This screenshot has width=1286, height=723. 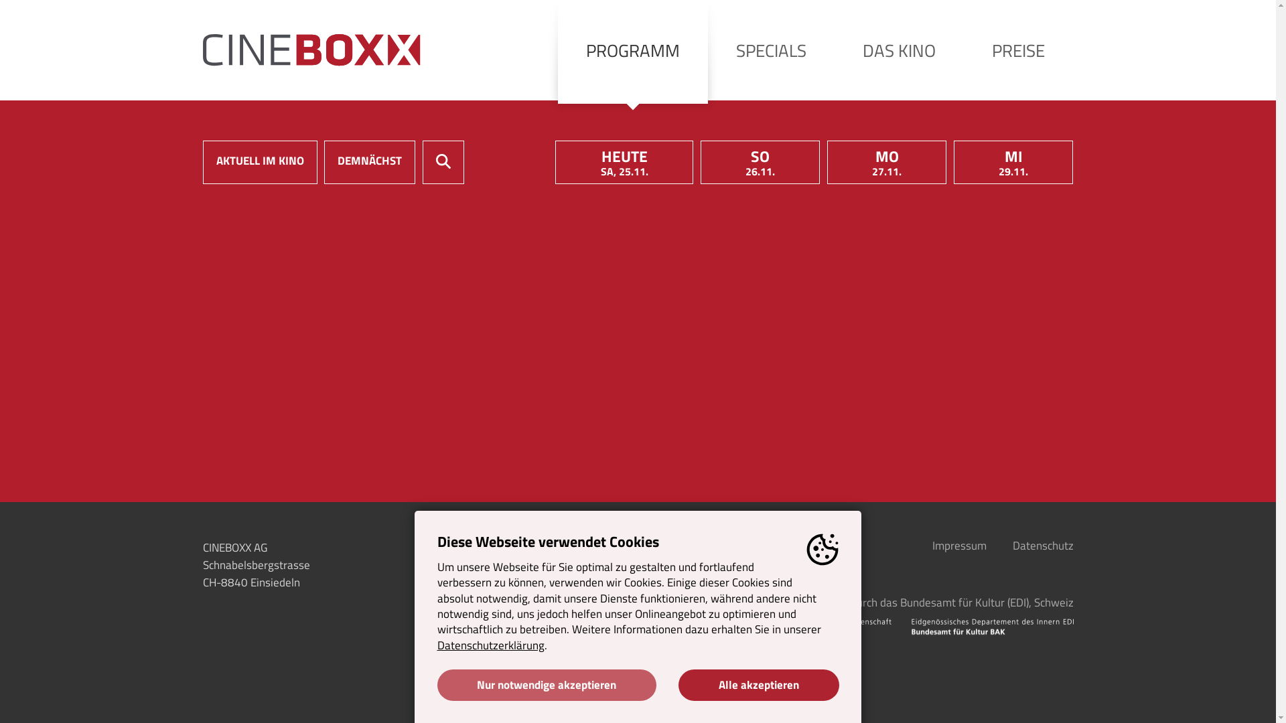 I want to click on 'AKTUELL IM KINO', so click(x=202, y=161).